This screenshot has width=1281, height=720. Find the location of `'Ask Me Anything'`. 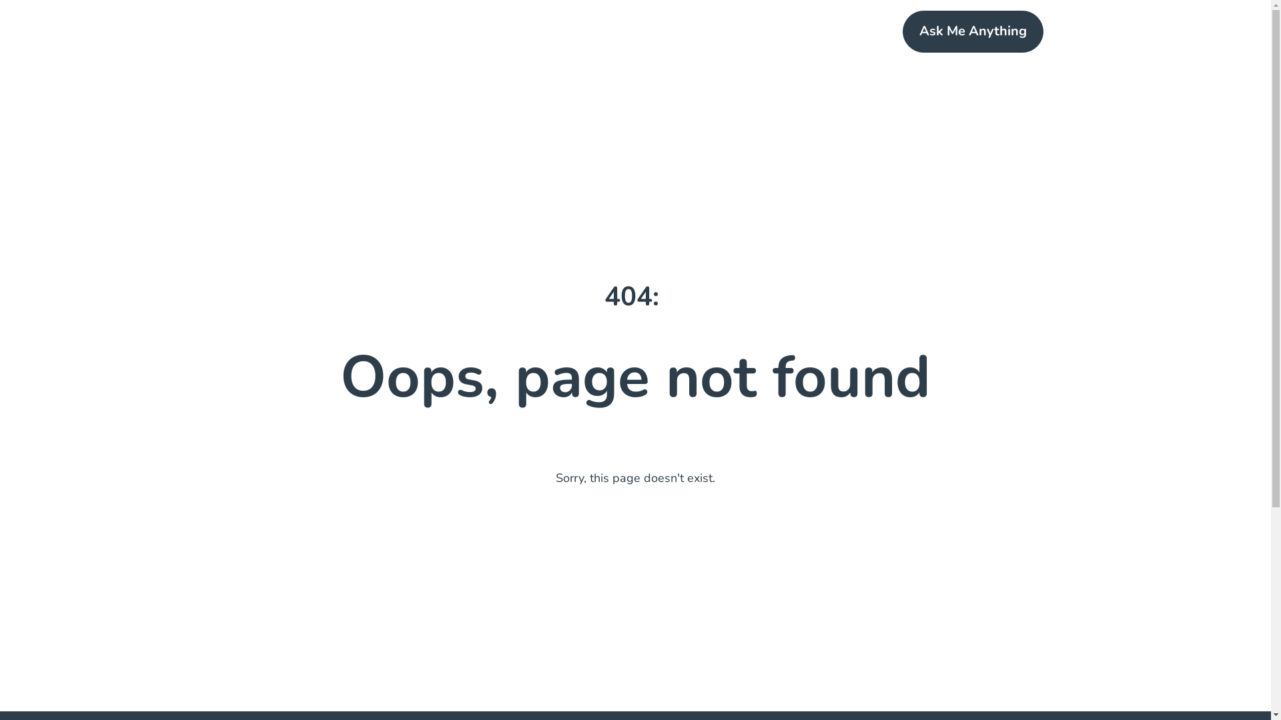

'Ask Me Anything' is located at coordinates (973, 31).